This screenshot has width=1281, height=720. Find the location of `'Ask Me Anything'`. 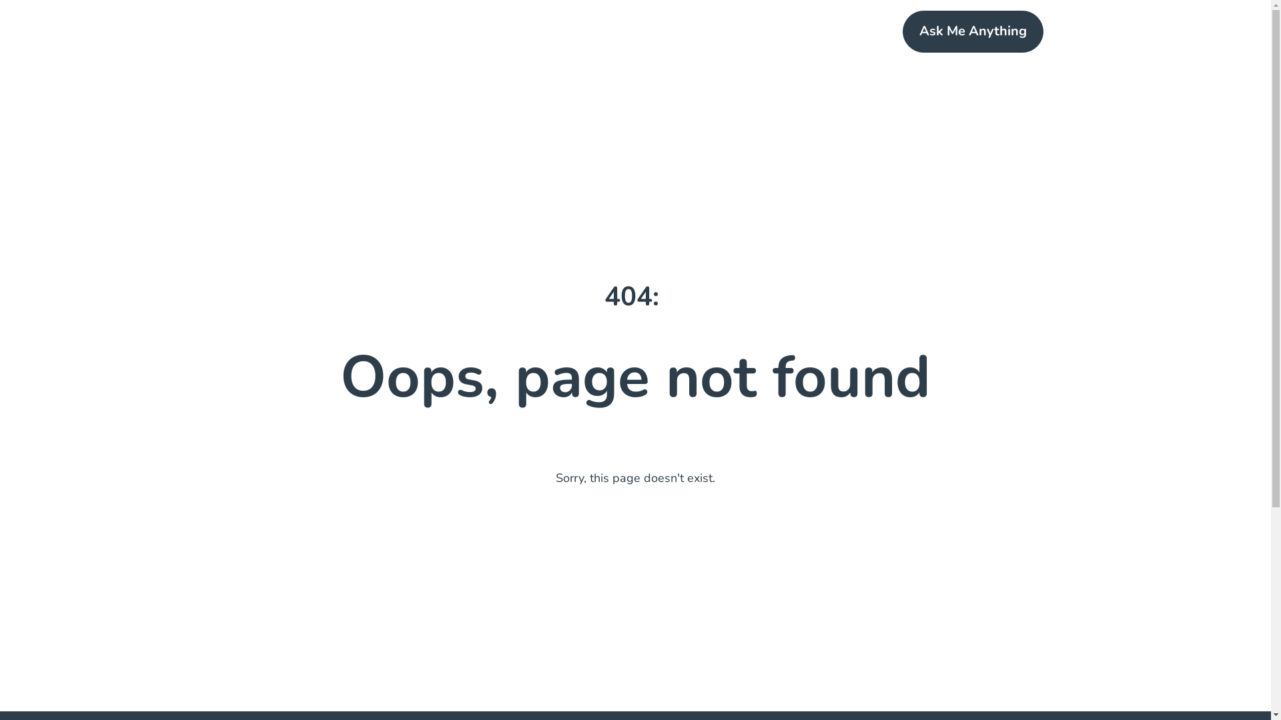

'Ask Me Anything' is located at coordinates (973, 31).